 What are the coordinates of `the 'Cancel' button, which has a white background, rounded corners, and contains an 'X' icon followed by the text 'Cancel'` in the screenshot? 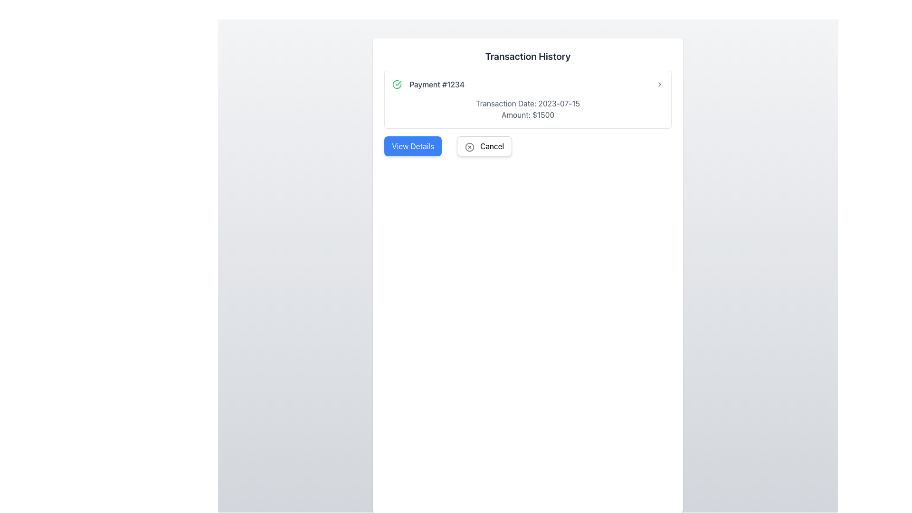 It's located at (484, 146).